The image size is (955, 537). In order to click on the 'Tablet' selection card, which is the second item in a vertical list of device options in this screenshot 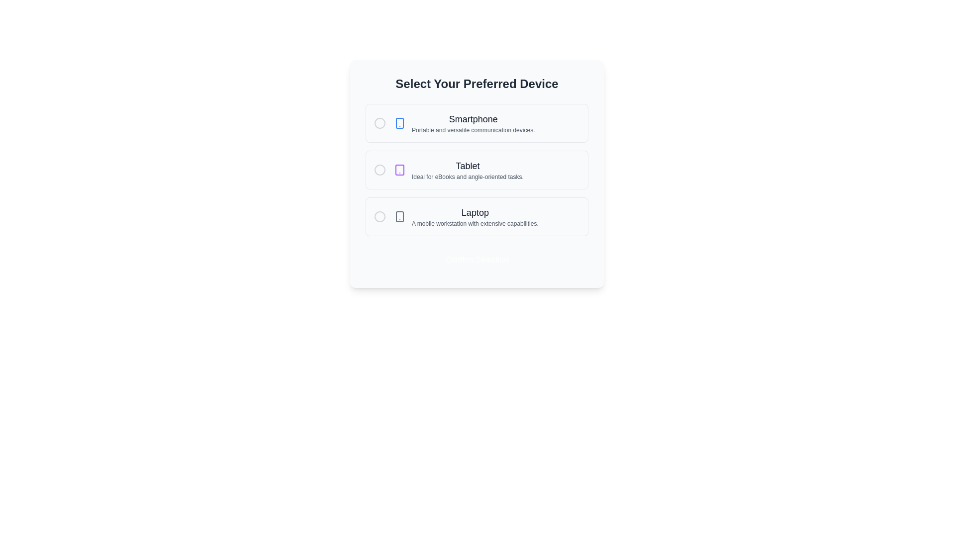, I will do `click(477, 170)`.